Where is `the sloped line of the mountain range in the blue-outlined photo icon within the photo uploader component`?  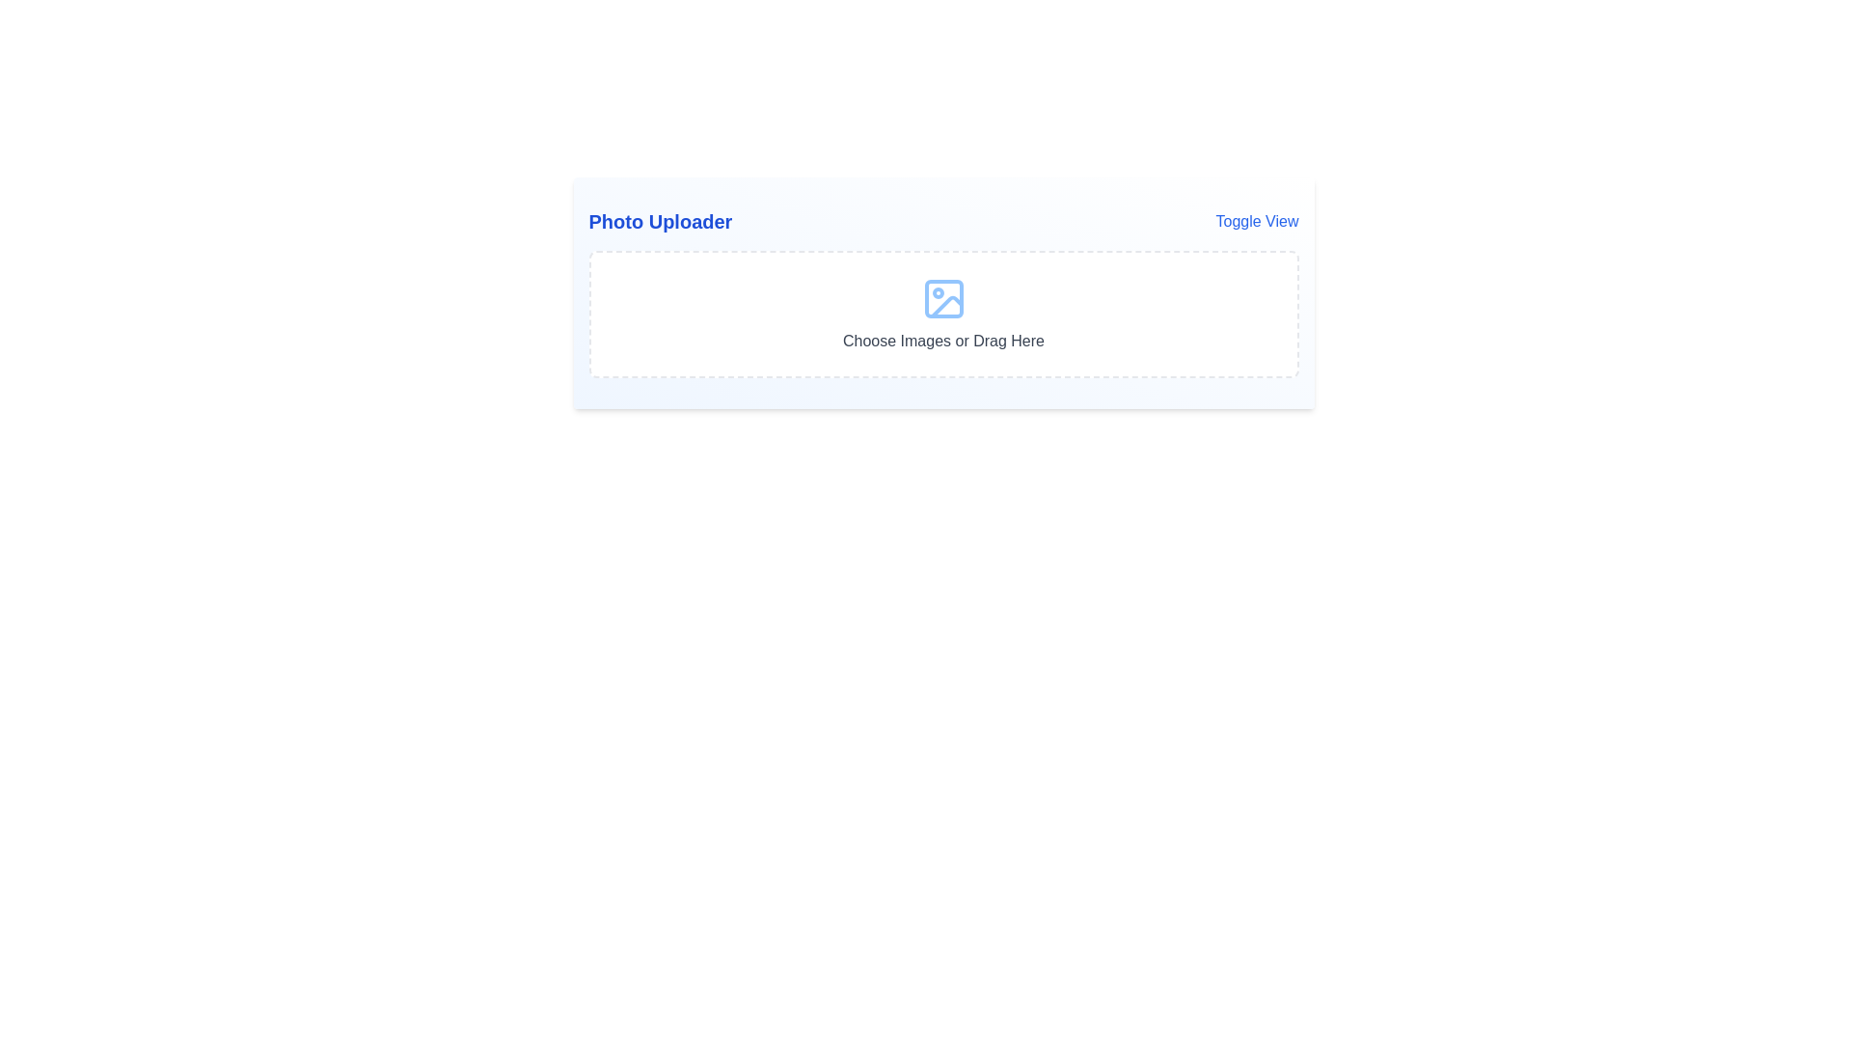 the sloped line of the mountain range in the blue-outlined photo icon within the photo uploader component is located at coordinates (946, 306).